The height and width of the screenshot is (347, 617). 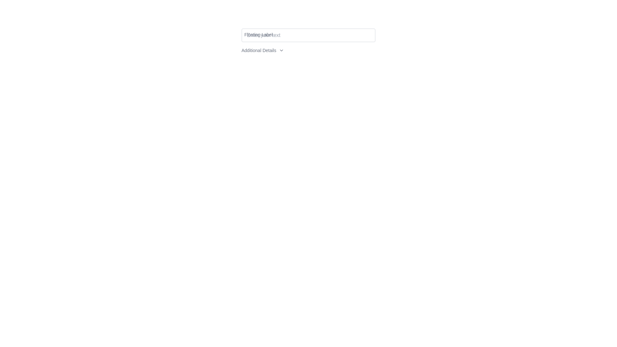 What do you see at coordinates (281, 50) in the screenshot?
I see `the icon located near the right edge of the 'Additional Details' label` at bounding box center [281, 50].